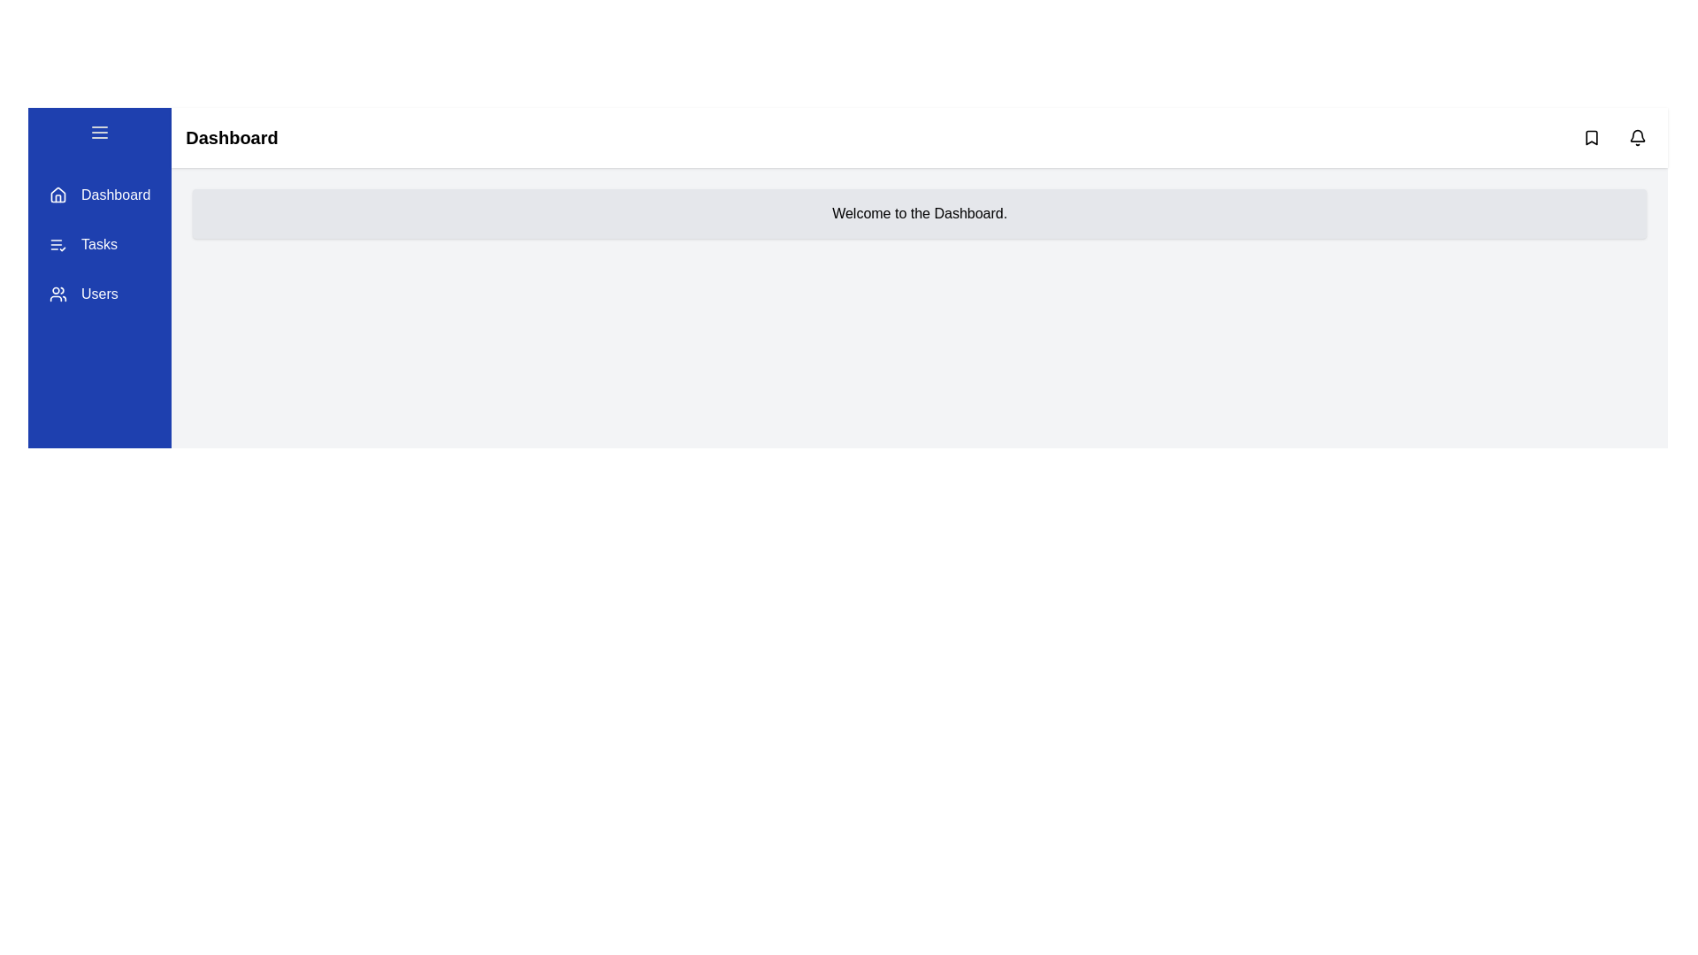 The width and height of the screenshot is (1698, 955). What do you see at coordinates (231, 136) in the screenshot?
I see `text content of the bold, large-sized text label saying 'Dashboard' located at the top-left corner of the main content area, to the right of the blue vertical sidebar` at bounding box center [231, 136].